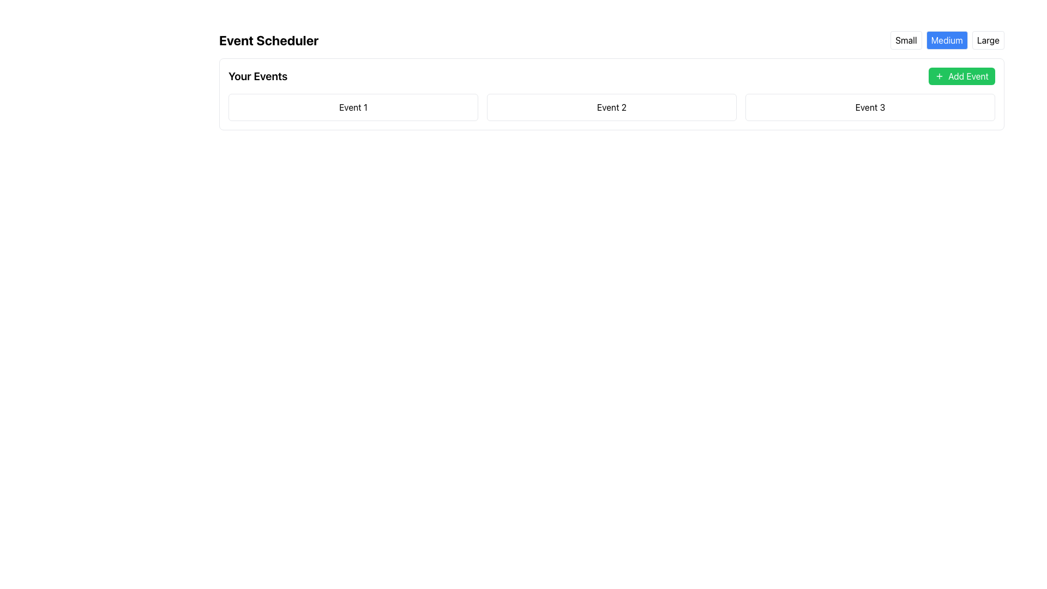  What do you see at coordinates (612, 107) in the screenshot?
I see `the Text Display Box that displays 'Event 2', which is the second element in a grid layout below the 'Your Events' title` at bounding box center [612, 107].